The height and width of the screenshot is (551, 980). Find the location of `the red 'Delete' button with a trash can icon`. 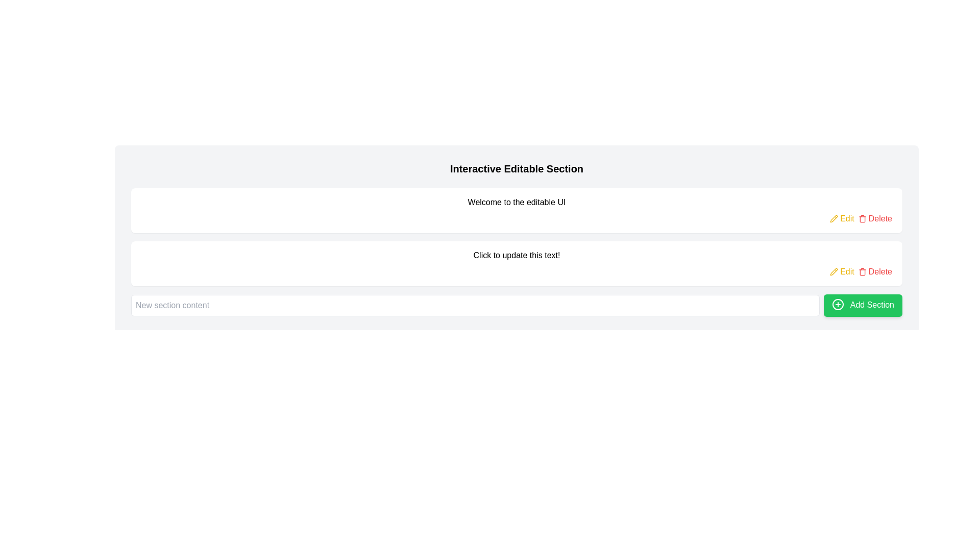

the red 'Delete' button with a trash can icon is located at coordinates (874, 271).